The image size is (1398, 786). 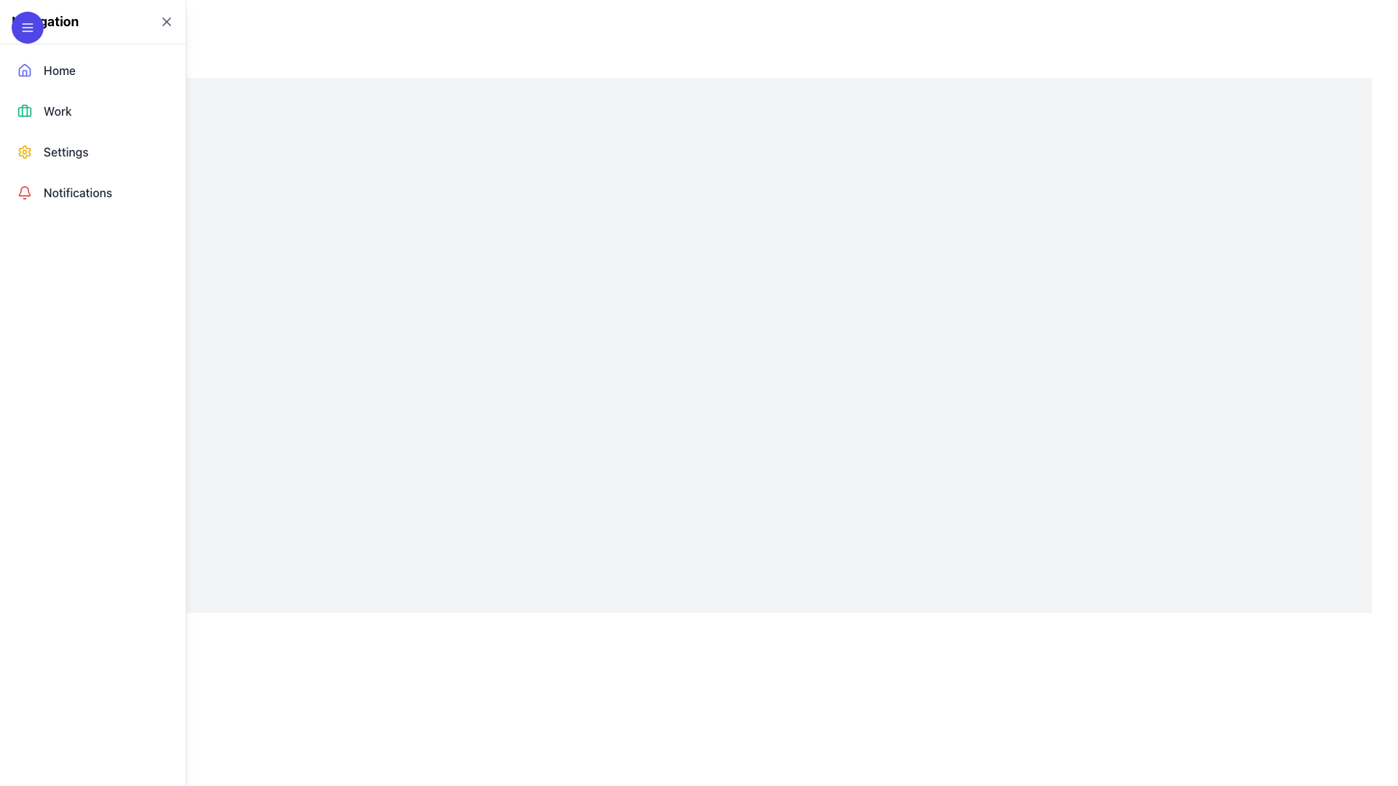 I want to click on the 'Home' text label in the left-side navigation menu, which is styled with a medium font weight and dark gray color (#4B5563), located immediately to the right of a house icon, so click(x=58, y=70).